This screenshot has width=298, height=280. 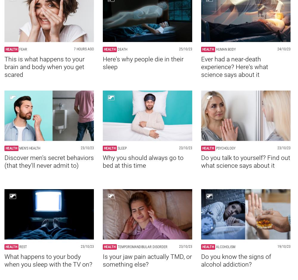 I want to click on '7 hours ago', so click(x=84, y=49).